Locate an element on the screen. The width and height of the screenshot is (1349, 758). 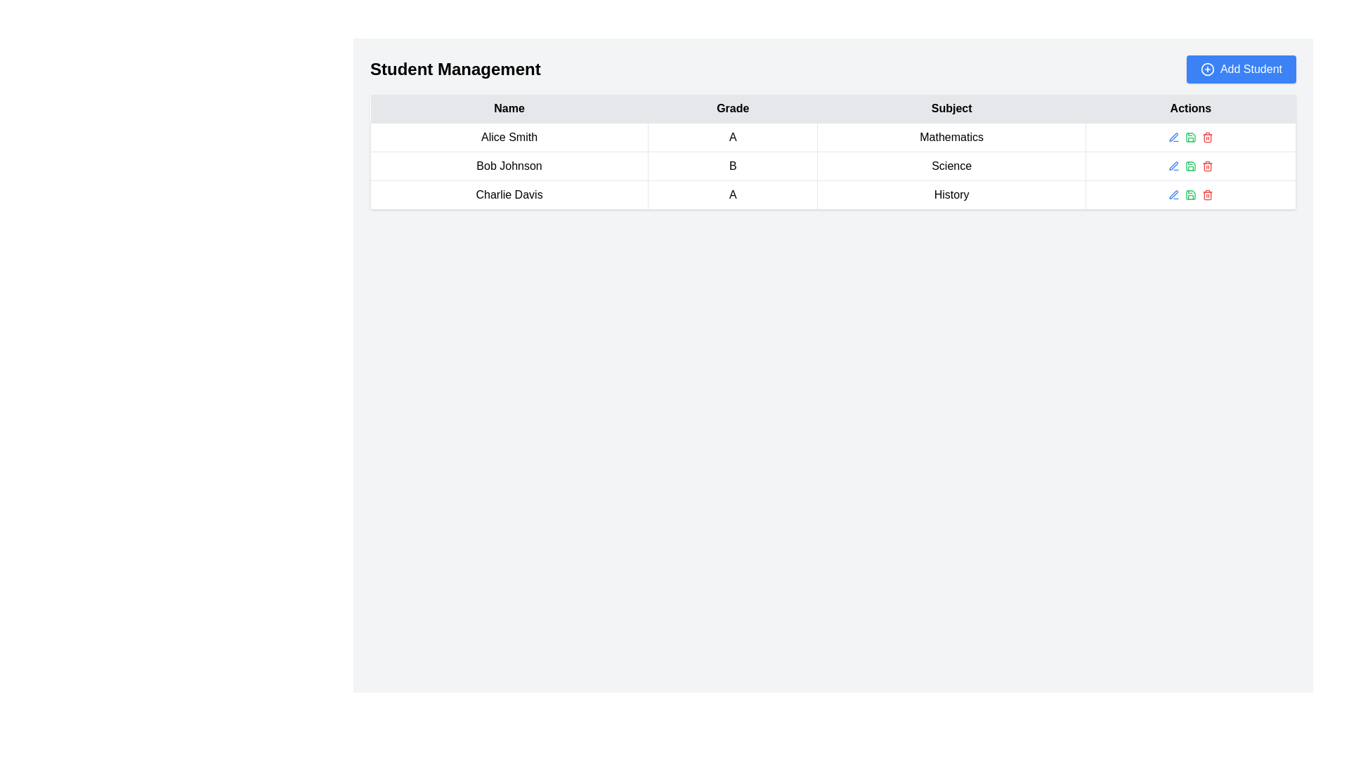
the green eye icon located in the 'Actions' column of the row for 'Charlie Davis' is located at coordinates (1190, 194).